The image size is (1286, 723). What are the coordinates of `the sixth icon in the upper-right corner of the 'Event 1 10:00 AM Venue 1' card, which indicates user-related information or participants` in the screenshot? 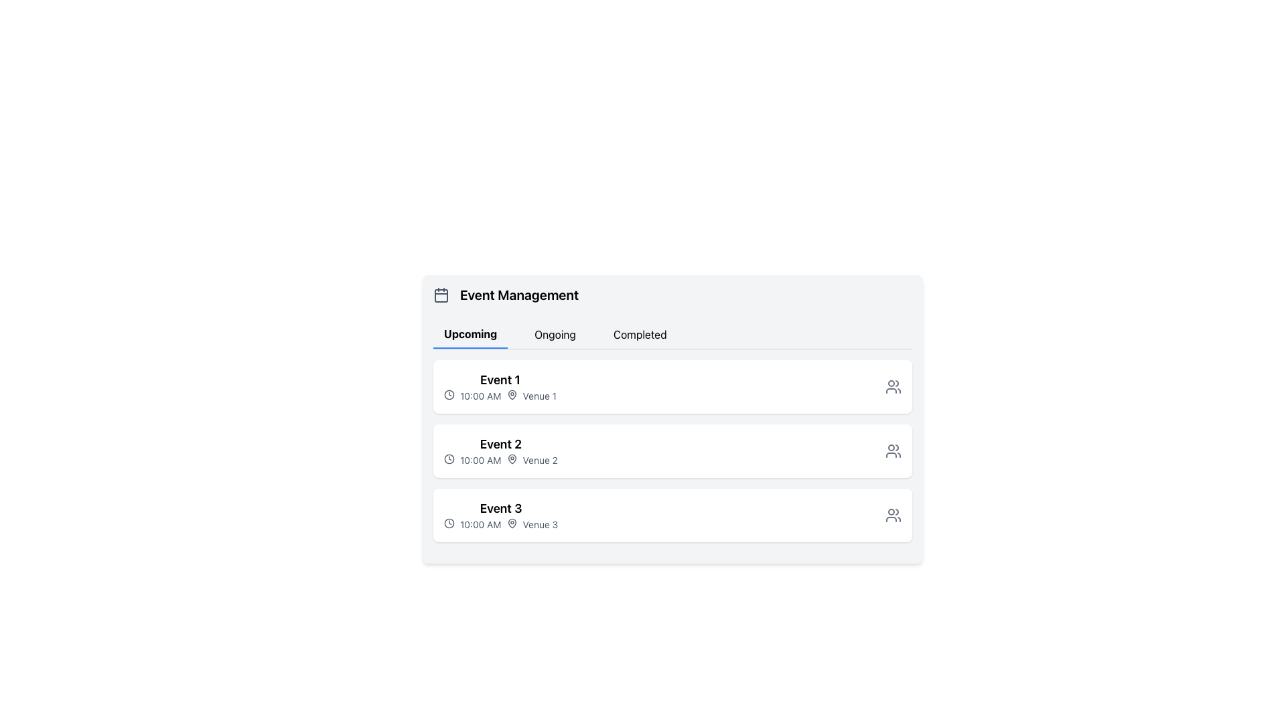 It's located at (894, 387).